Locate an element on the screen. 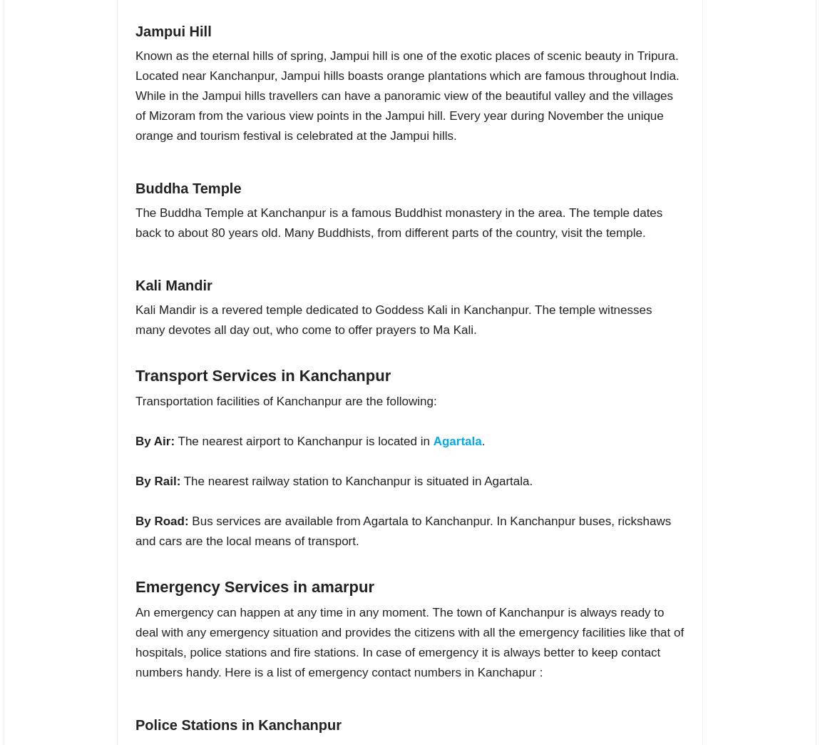 Image resolution: width=820 pixels, height=745 pixels. 'Police Stations in Kanchanpur' is located at coordinates (237, 725).